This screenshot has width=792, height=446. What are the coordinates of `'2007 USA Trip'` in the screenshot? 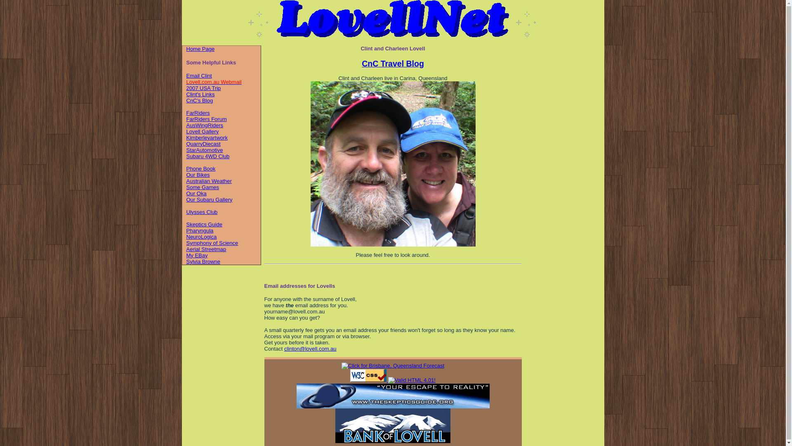 It's located at (204, 88).